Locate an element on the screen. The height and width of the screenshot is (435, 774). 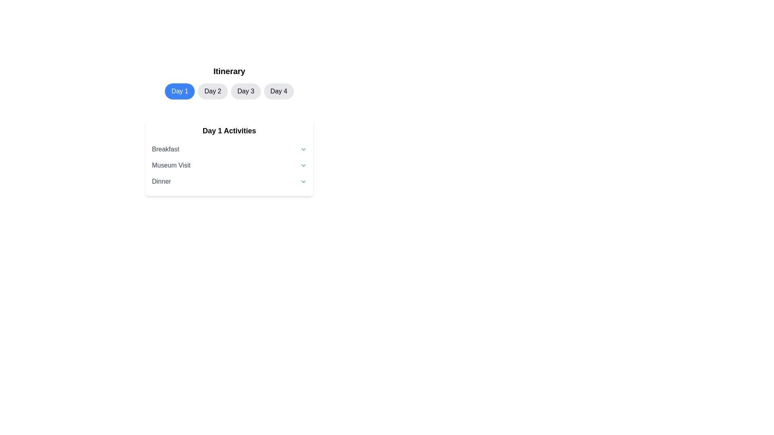
the bold text header labeled 'Day 1 Activities' is located at coordinates (229, 130).